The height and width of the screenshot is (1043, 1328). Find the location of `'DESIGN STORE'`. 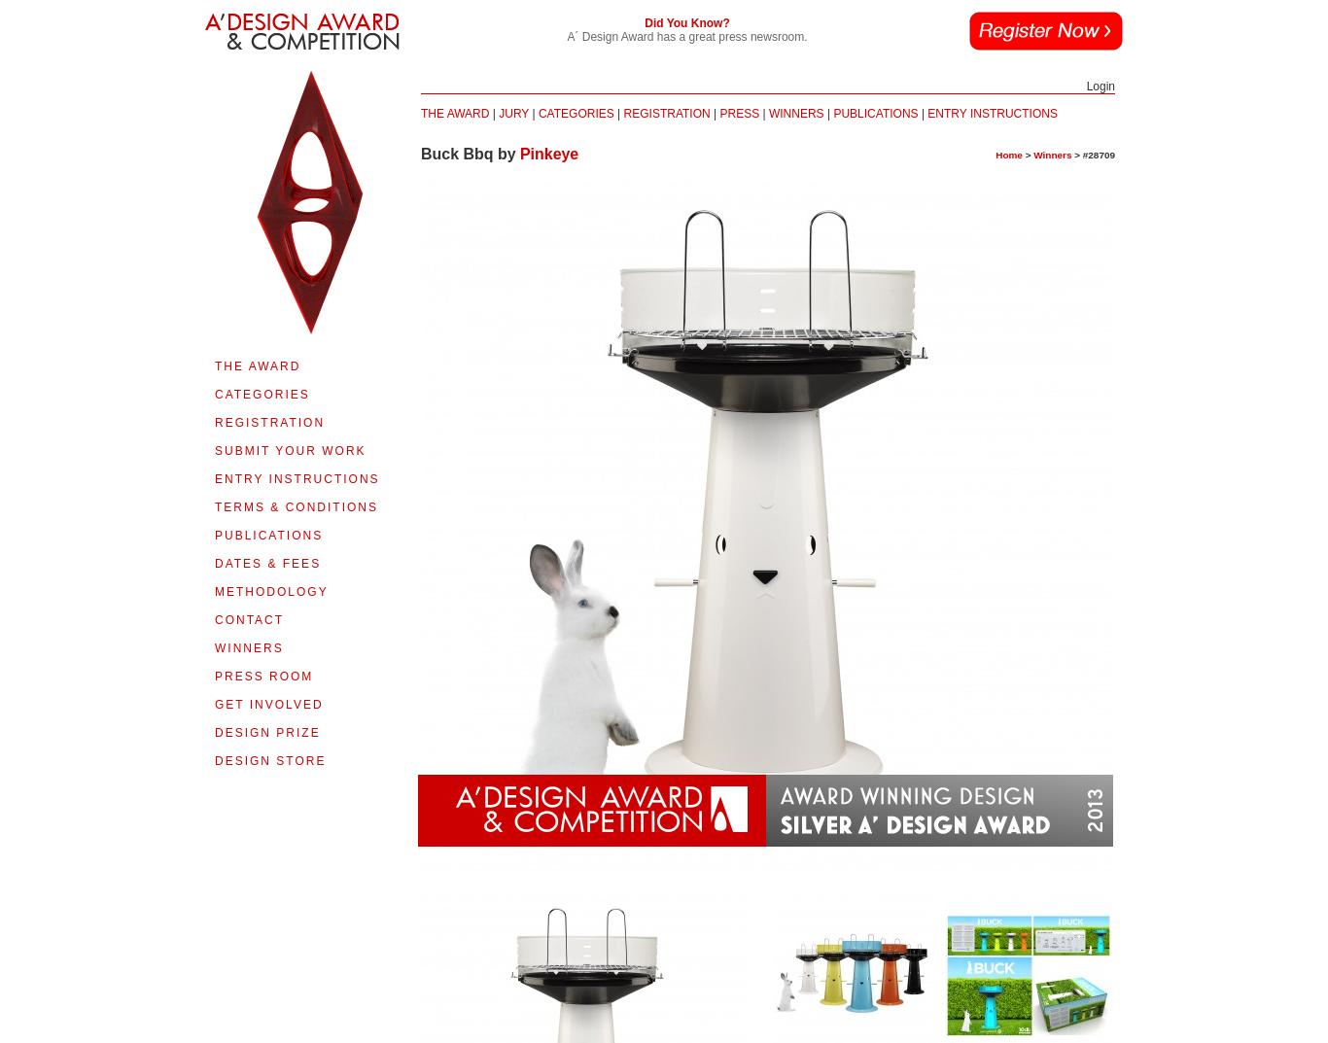

'DESIGN STORE' is located at coordinates (269, 760).